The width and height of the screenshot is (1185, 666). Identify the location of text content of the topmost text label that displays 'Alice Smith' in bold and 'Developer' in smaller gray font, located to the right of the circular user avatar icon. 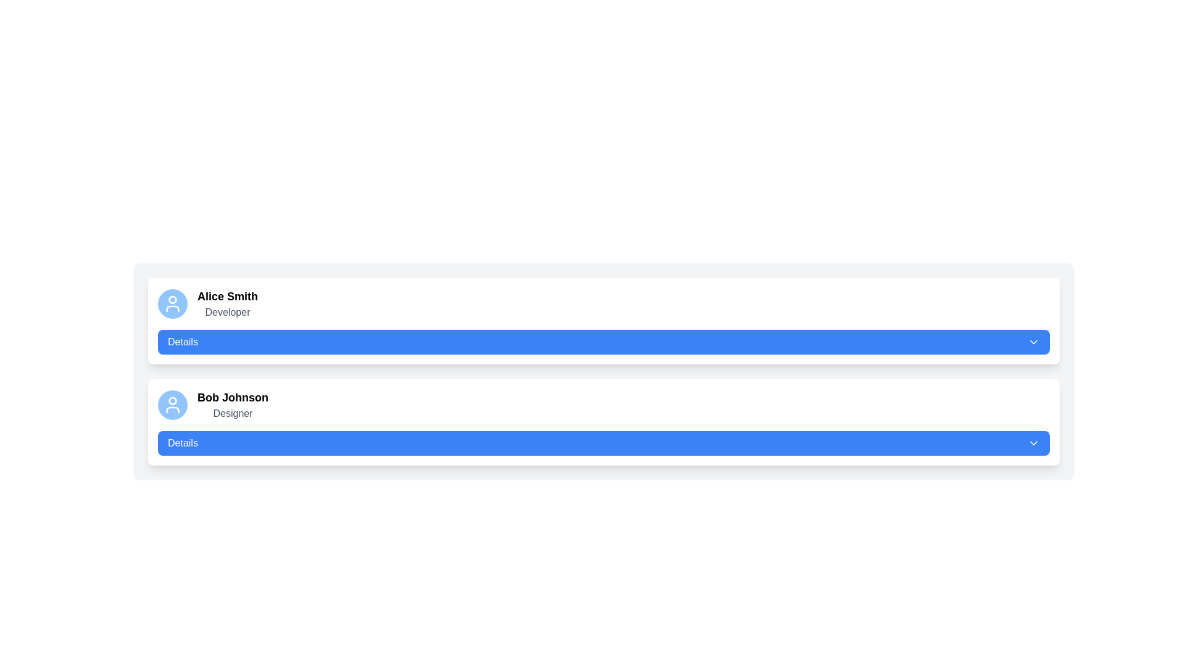
(228, 304).